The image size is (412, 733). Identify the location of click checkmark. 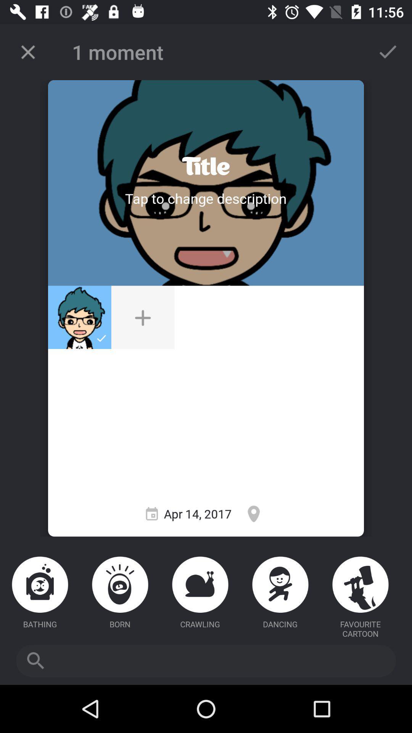
(388, 52).